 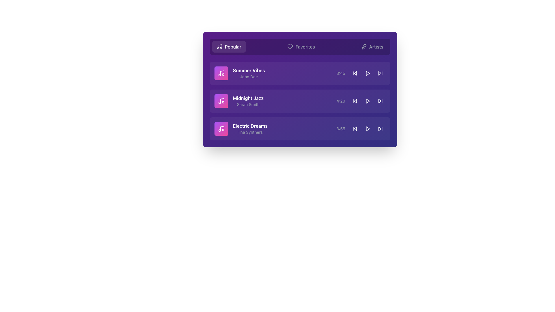 I want to click on the second play button on the right-hand side of the 'Midnight Jazz' entry, so click(x=367, y=101).